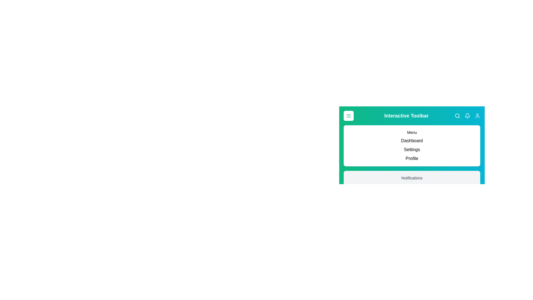 Image resolution: width=533 pixels, height=300 pixels. Describe the element at coordinates (412, 158) in the screenshot. I see `the menu item Profile to navigate to the respective section` at that location.